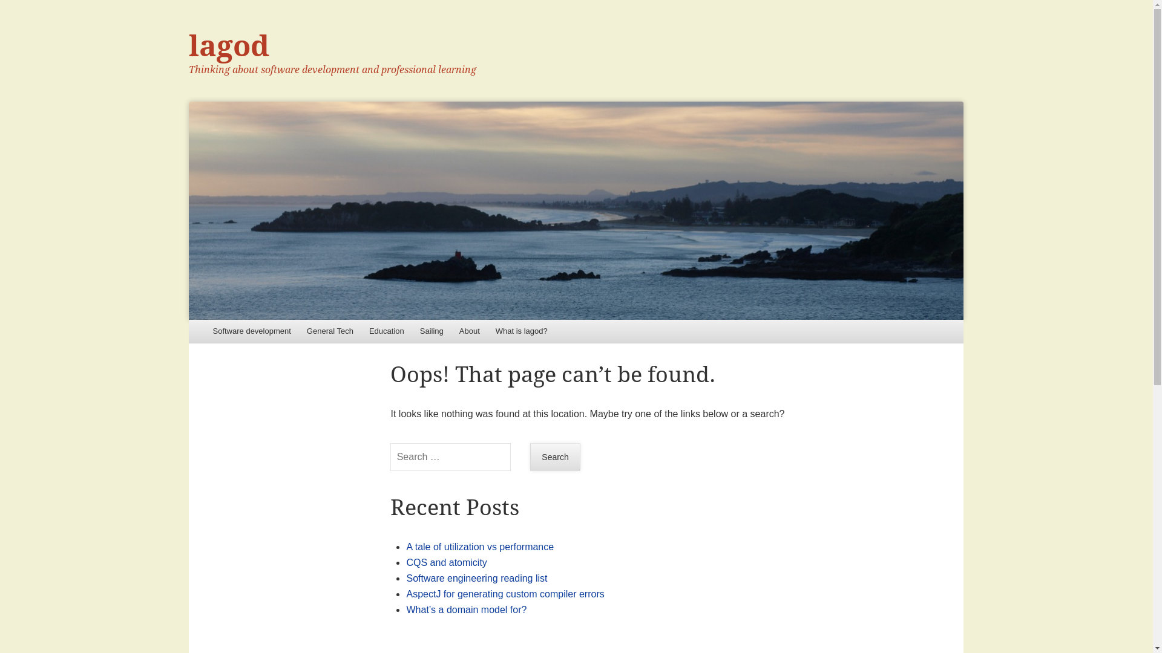 The image size is (1162, 653). I want to click on 'Search', so click(554, 457).